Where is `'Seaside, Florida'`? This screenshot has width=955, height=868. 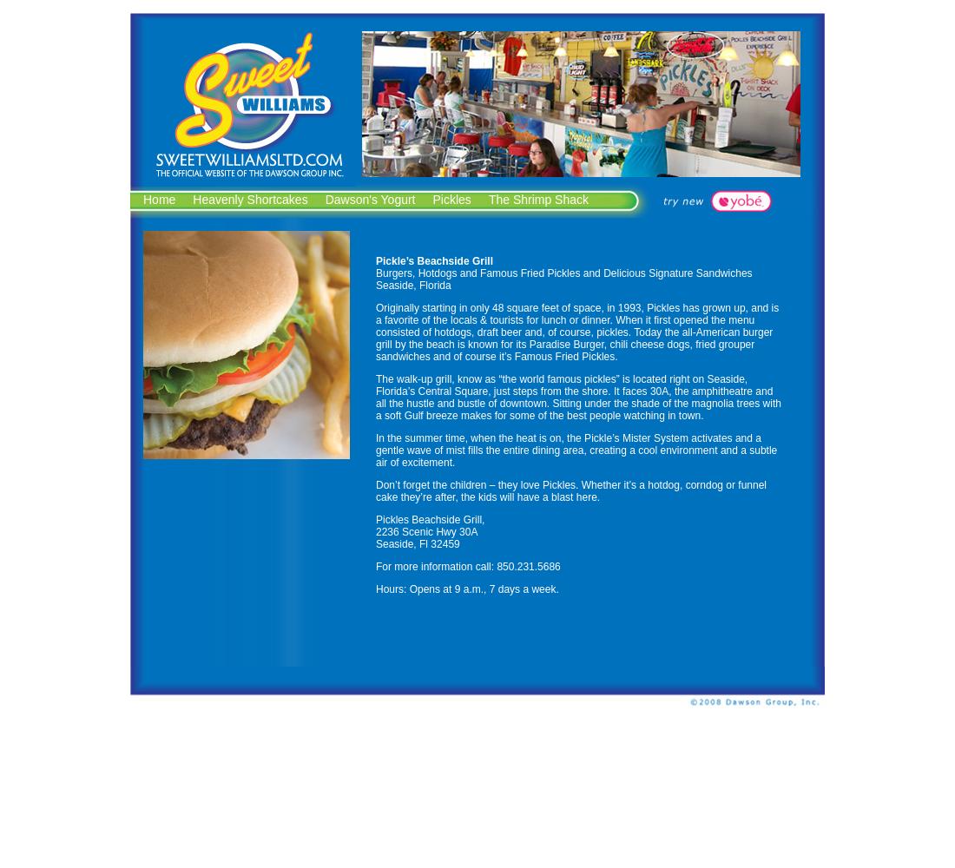 'Seaside, Florida' is located at coordinates (374, 285).